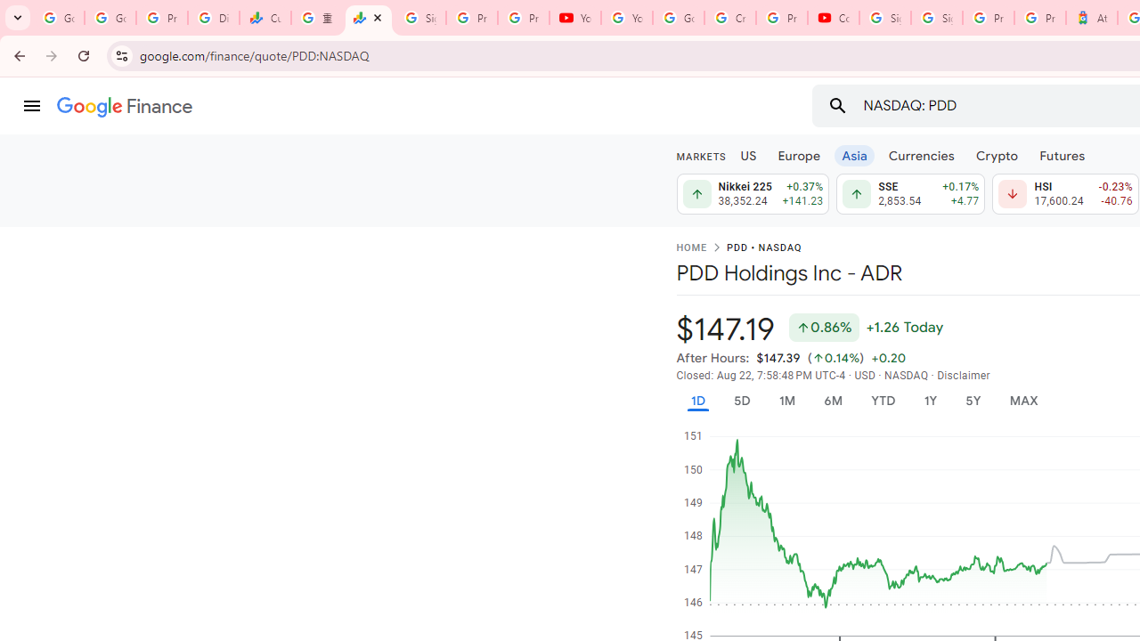 Image resolution: width=1140 pixels, height=641 pixels. What do you see at coordinates (853, 154) in the screenshot?
I see `'Asia'` at bounding box center [853, 154].